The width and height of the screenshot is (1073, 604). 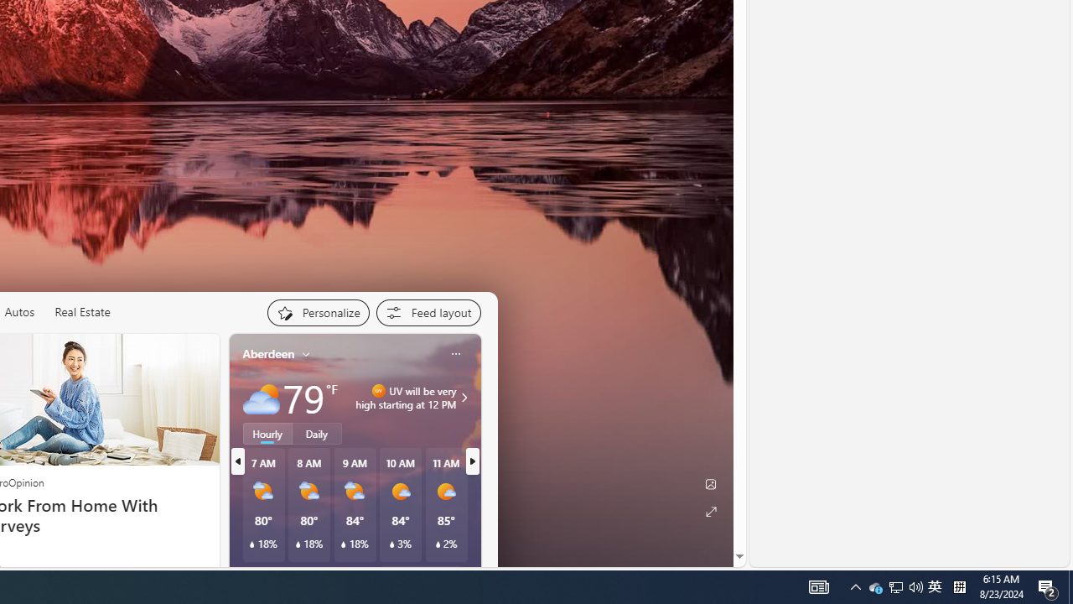 I want to click on 'Autos', so click(x=19, y=311).